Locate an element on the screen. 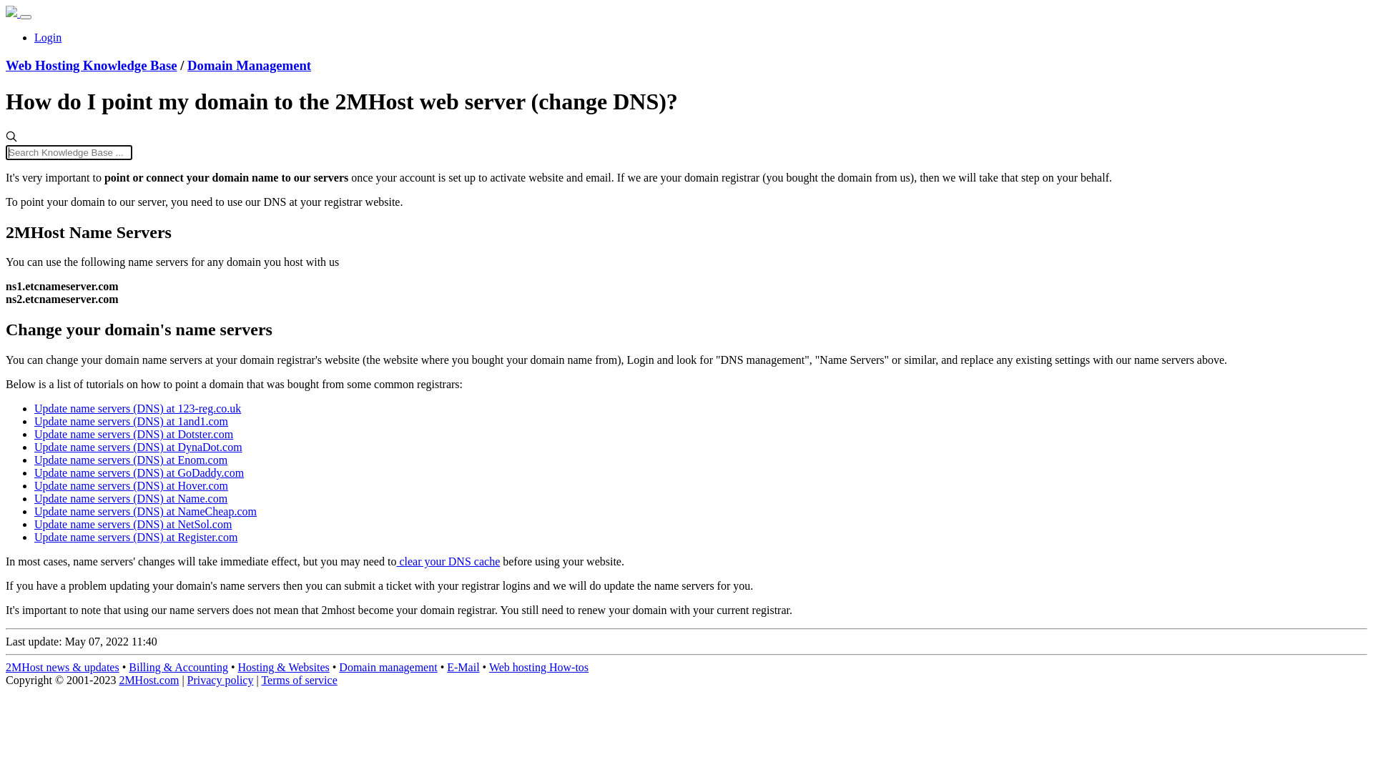 This screenshot has height=772, width=1373. 'E-Mail' is located at coordinates (463, 667).